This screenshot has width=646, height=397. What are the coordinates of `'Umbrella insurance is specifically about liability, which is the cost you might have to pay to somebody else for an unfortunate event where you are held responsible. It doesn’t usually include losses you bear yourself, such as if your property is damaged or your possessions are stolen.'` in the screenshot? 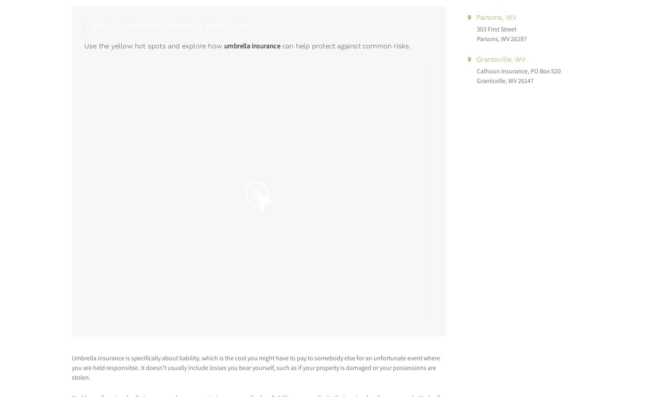 It's located at (255, 367).